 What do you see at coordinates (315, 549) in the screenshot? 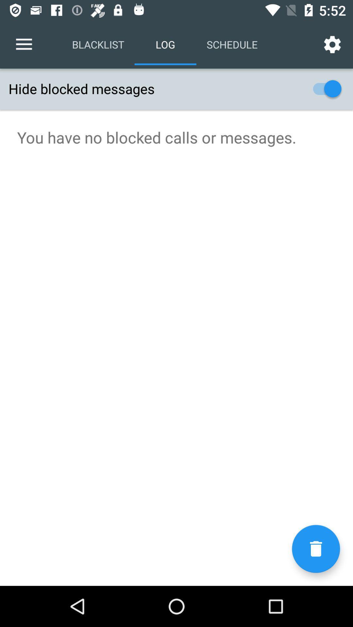
I see `the icon below you have no icon` at bounding box center [315, 549].